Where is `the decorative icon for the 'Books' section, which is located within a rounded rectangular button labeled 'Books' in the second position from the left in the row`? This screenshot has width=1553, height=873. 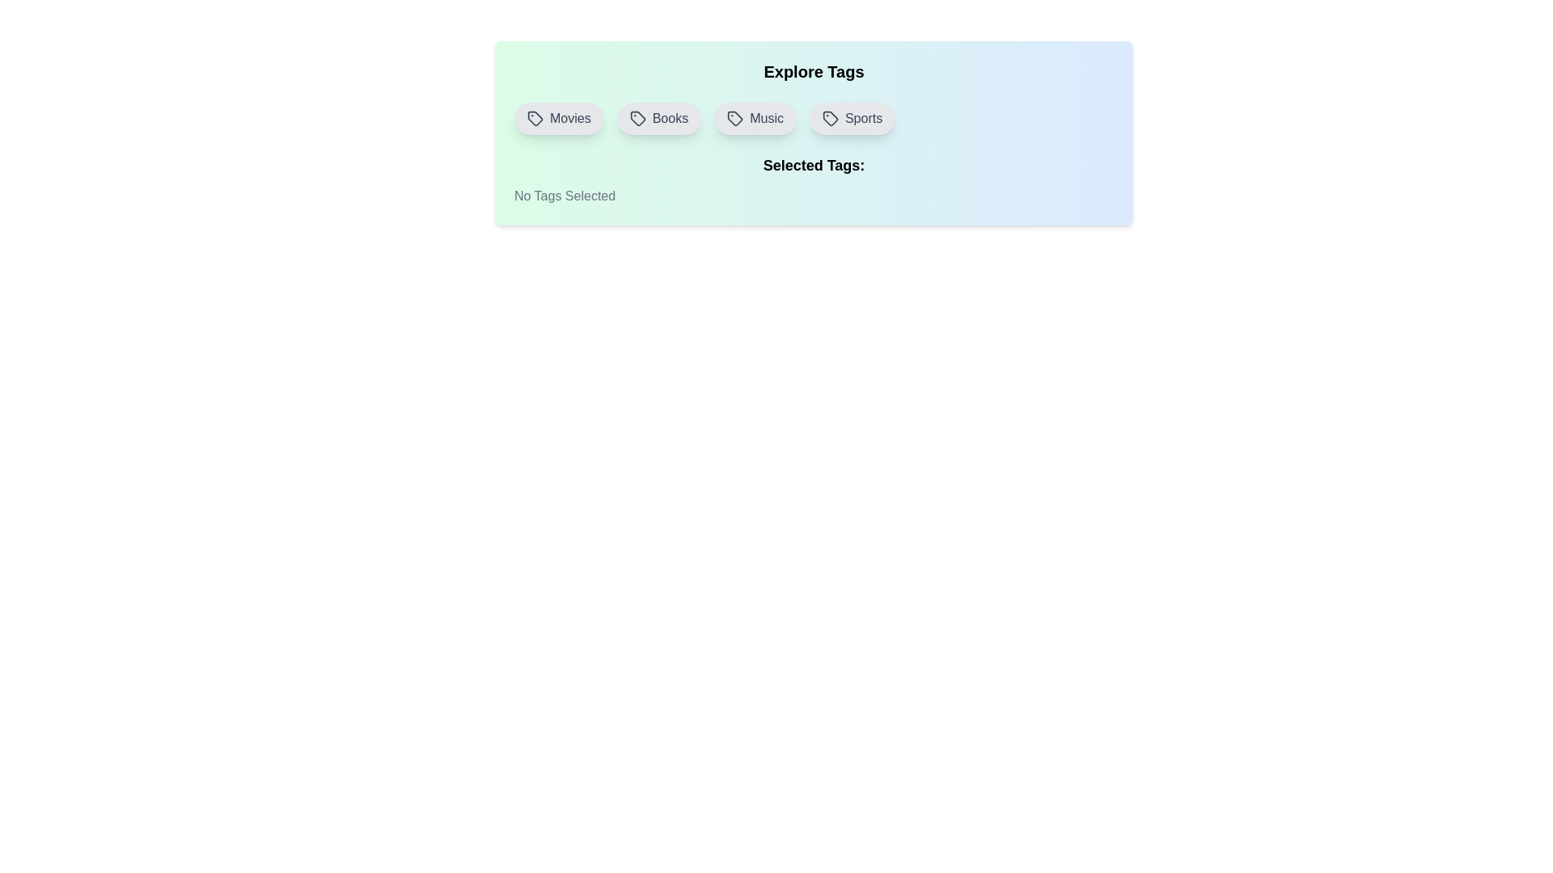 the decorative icon for the 'Books' section, which is located within a rounded rectangular button labeled 'Books' in the second position from the left in the row is located at coordinates (637, 117).